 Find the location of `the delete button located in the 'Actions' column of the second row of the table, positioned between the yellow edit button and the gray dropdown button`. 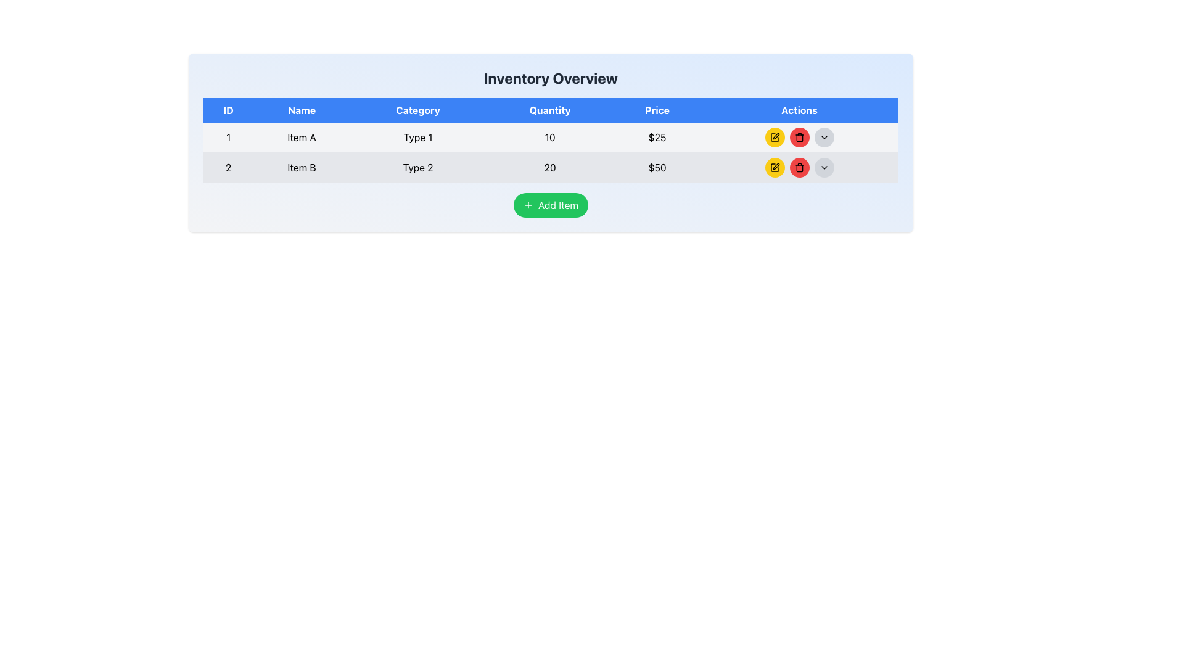

the delete button located in the 'Actions' column of the second row of the table, positioned between the yellow edit button and the gray dropdown button is located at coordinates (799, 138).